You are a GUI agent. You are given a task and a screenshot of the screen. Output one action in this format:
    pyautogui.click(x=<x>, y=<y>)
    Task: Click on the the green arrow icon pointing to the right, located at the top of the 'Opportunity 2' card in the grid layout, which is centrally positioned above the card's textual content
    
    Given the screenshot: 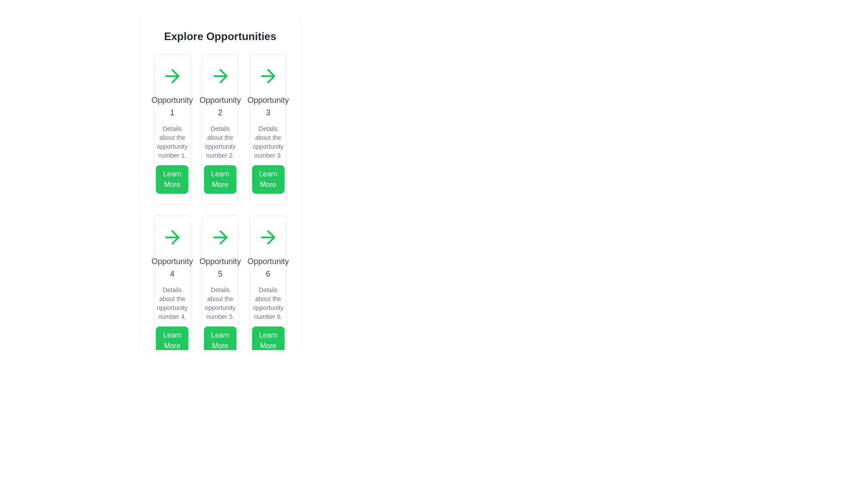 What is the action you would take?
    pyautogui.click(x=220, y=75)
    